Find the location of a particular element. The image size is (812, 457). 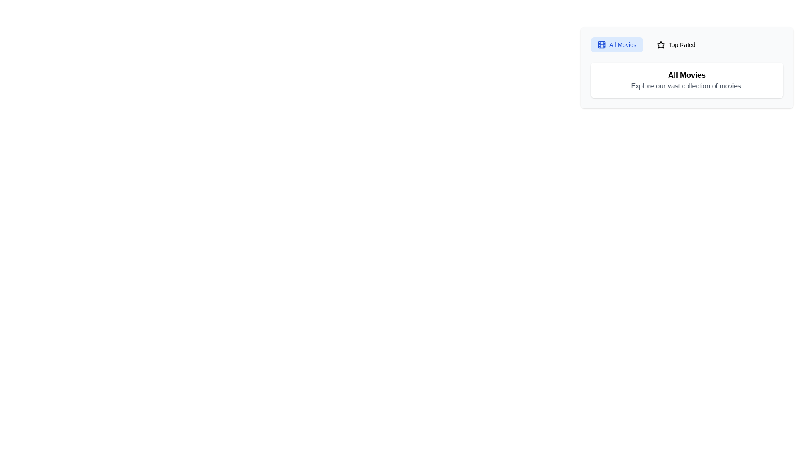

the Top Rated tab is located at coordinates (675, 44).